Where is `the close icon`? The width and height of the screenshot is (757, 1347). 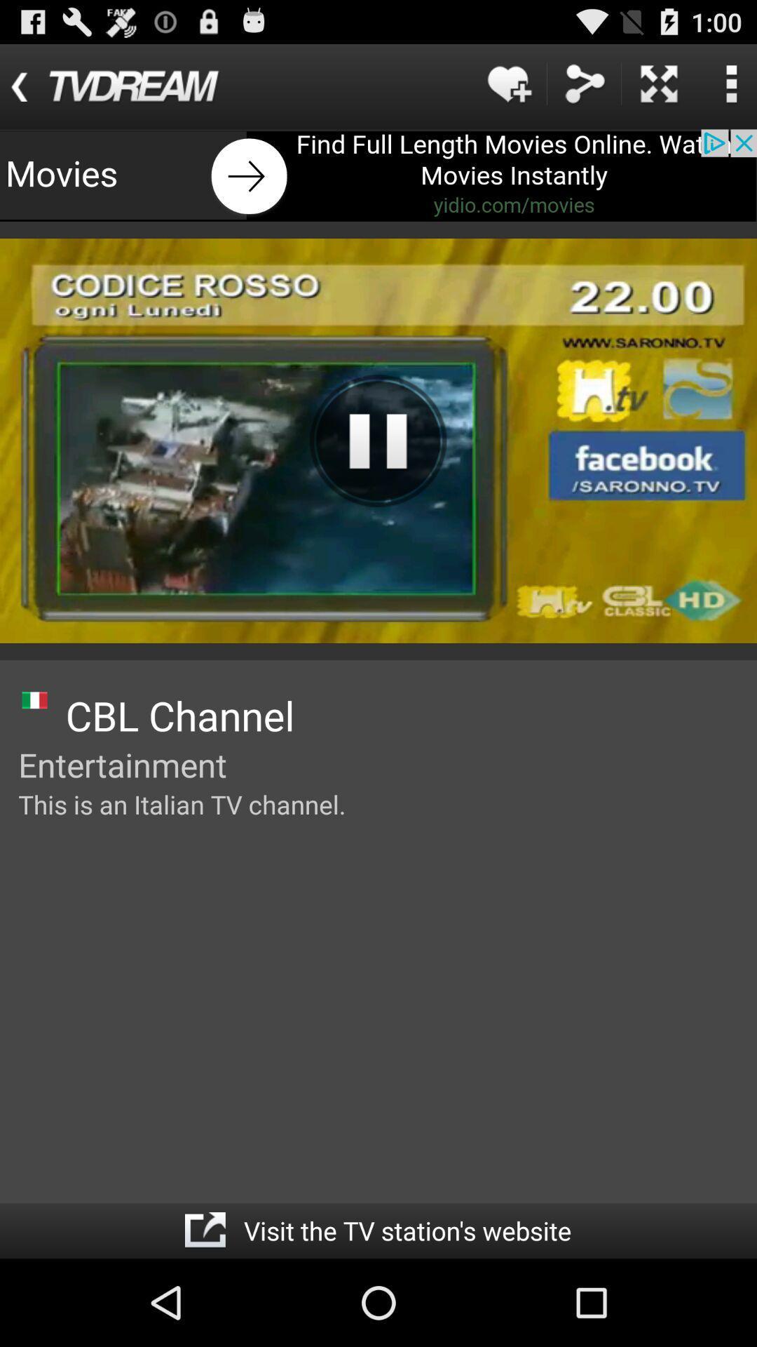 the close icon is located at coordinates (659, 89).